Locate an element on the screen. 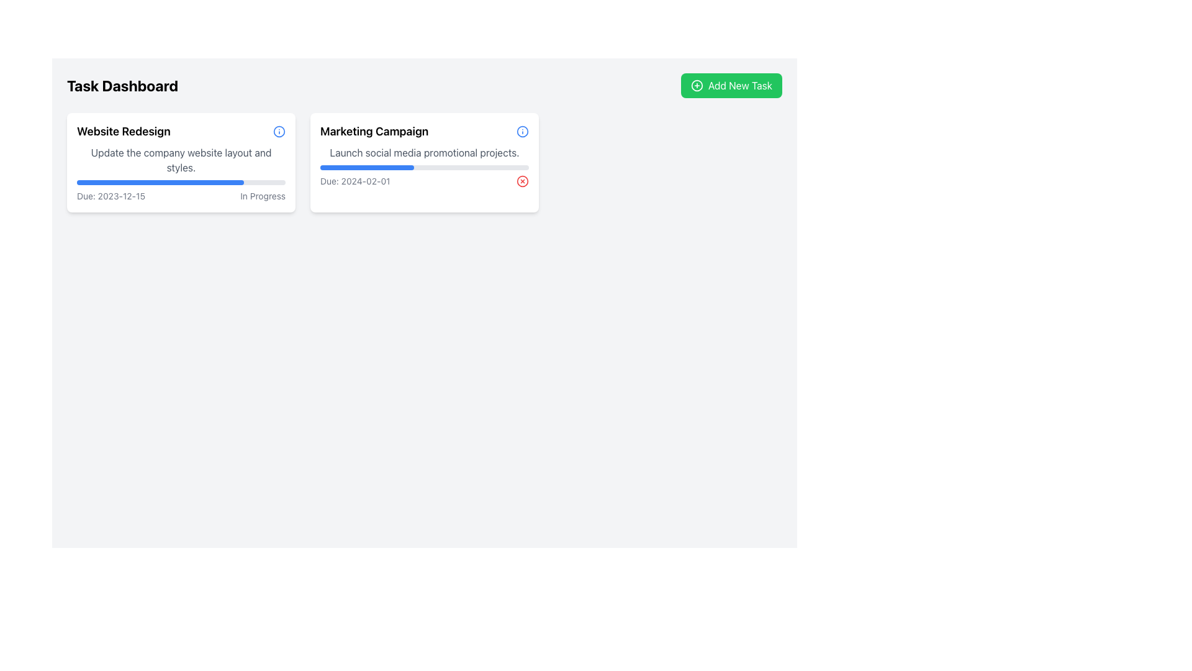 The image size is (1192, 671). the informational icon located to the right of the 'Marketing Campaign' text is located at coordinates (522, 132).